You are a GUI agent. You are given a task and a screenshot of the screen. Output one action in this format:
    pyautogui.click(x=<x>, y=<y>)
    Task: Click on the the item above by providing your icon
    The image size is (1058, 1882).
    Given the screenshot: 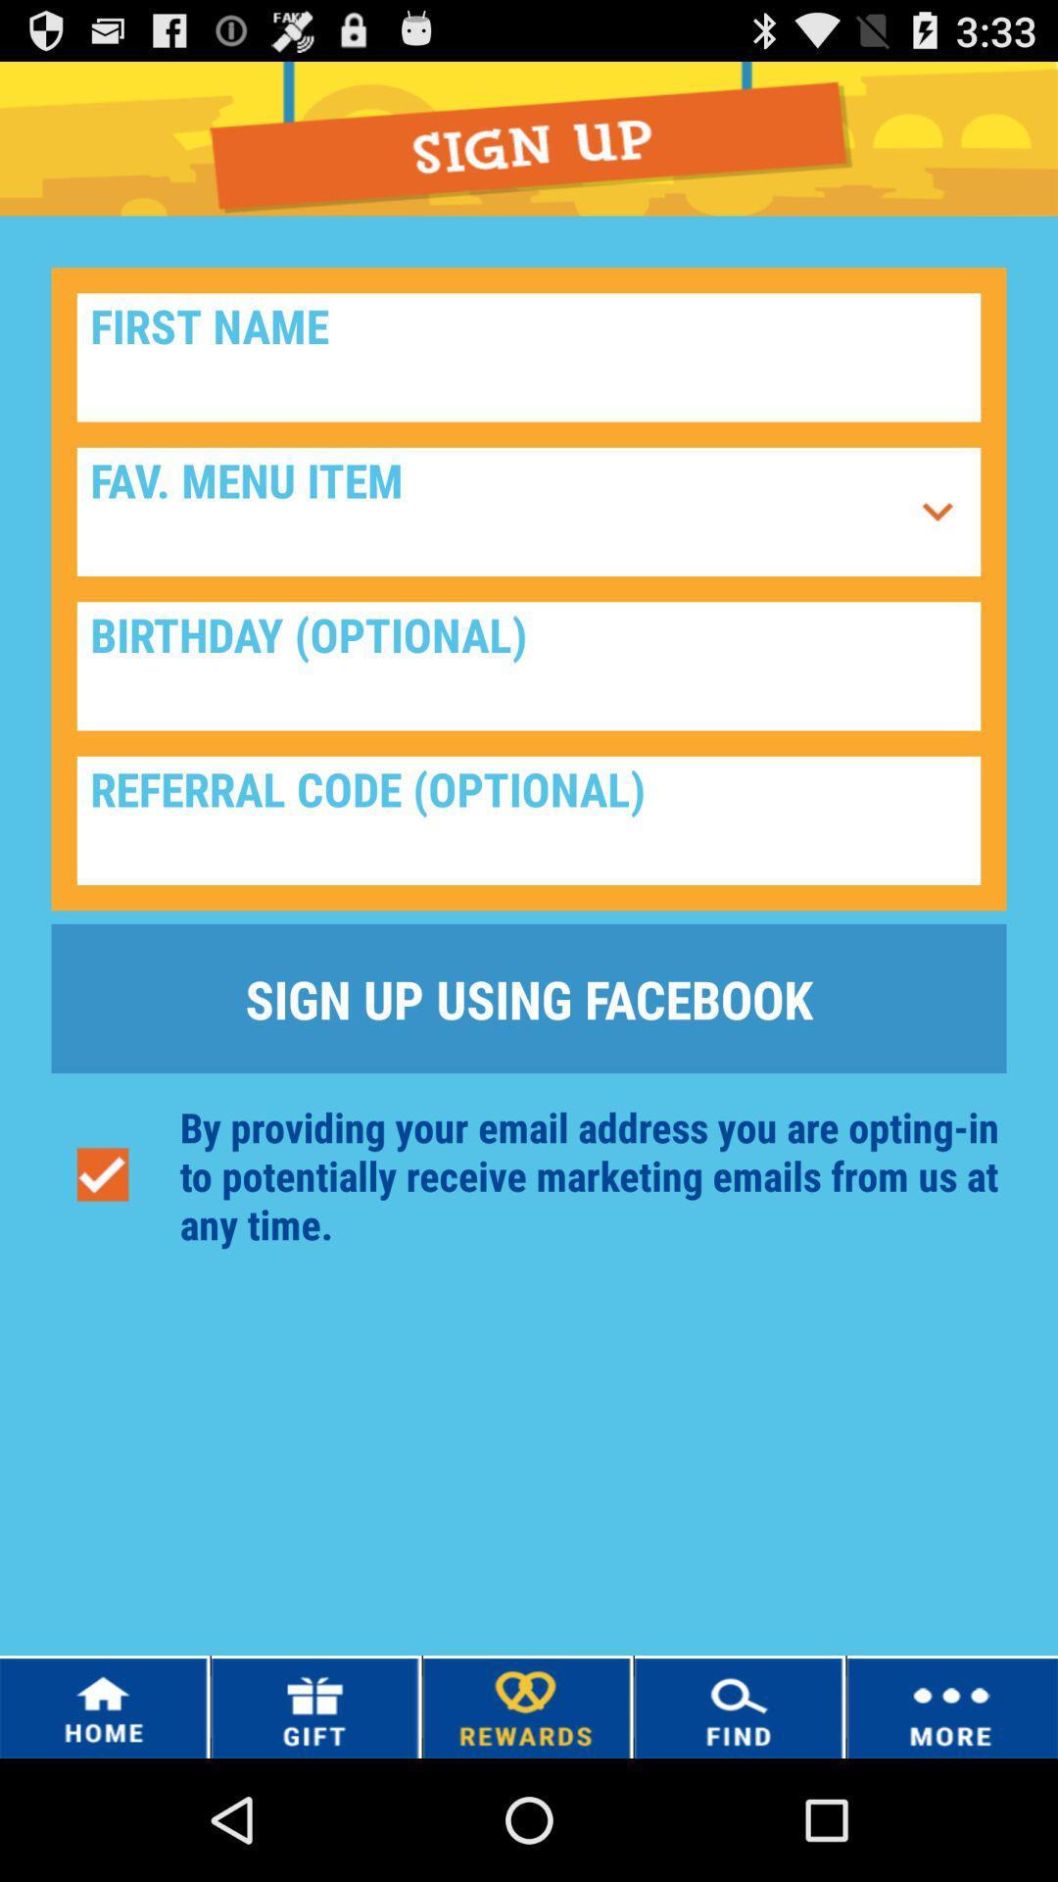 What is the action you would take?
    pyautogui.click(x=529, y=998)
    